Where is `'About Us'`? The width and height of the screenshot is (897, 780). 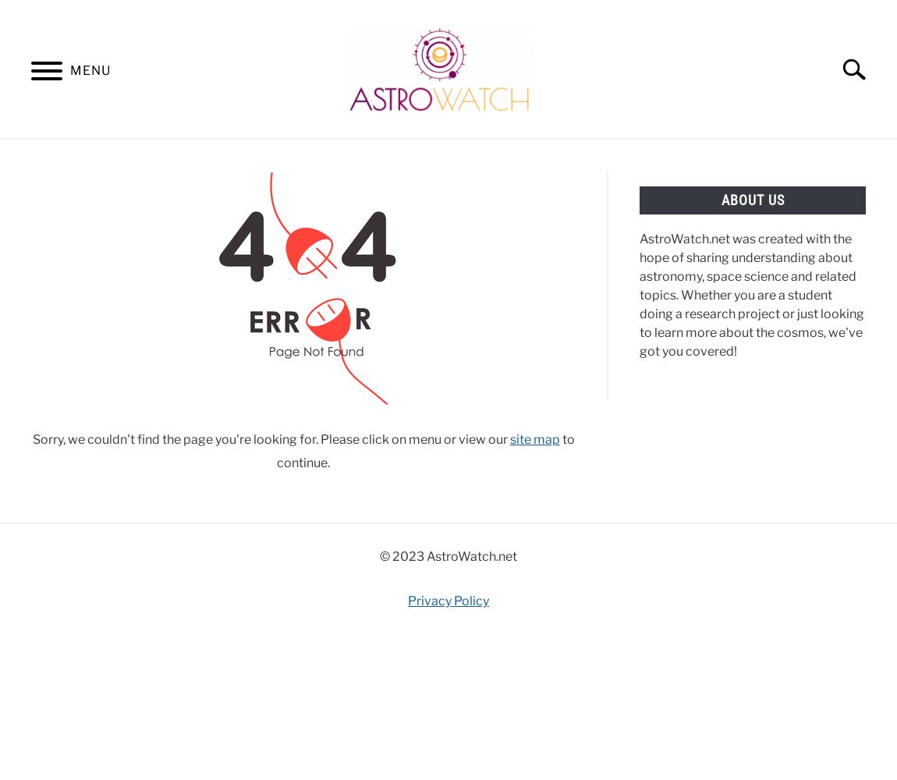
'About Us' is located at coordinates (752, 200).